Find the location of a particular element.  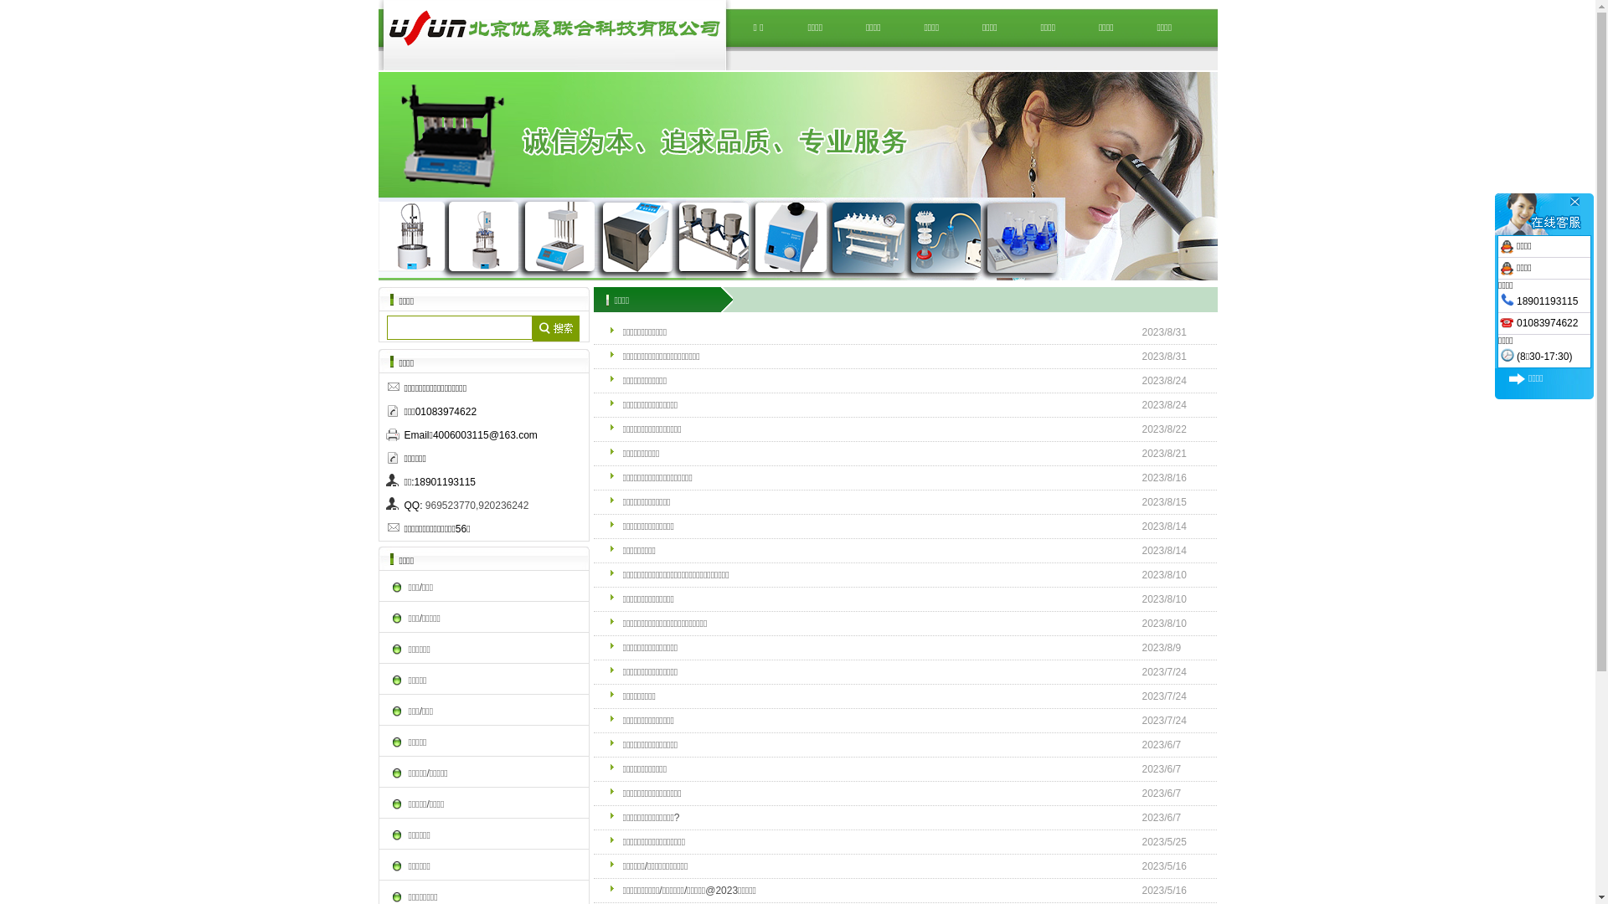

'969523770,920236242' is located at coordinates (425, 505).